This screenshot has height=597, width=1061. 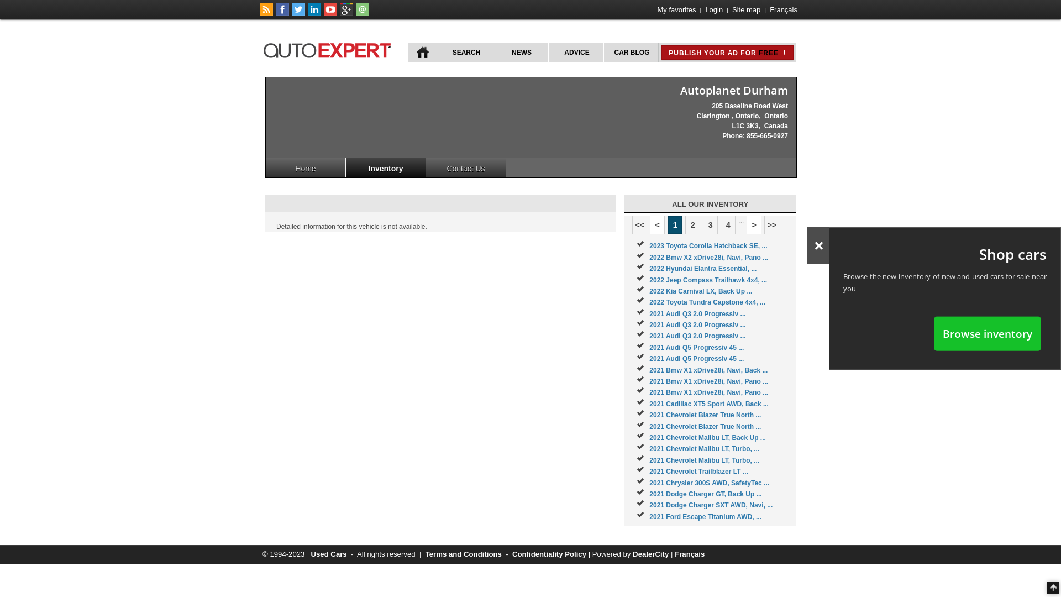 What do you see at coordinates (649, 391) in the screenshot?
I see `'2021 Bmw X1 xDrive28i, Navi, Pano ...'` at bounding box center [649, 391].